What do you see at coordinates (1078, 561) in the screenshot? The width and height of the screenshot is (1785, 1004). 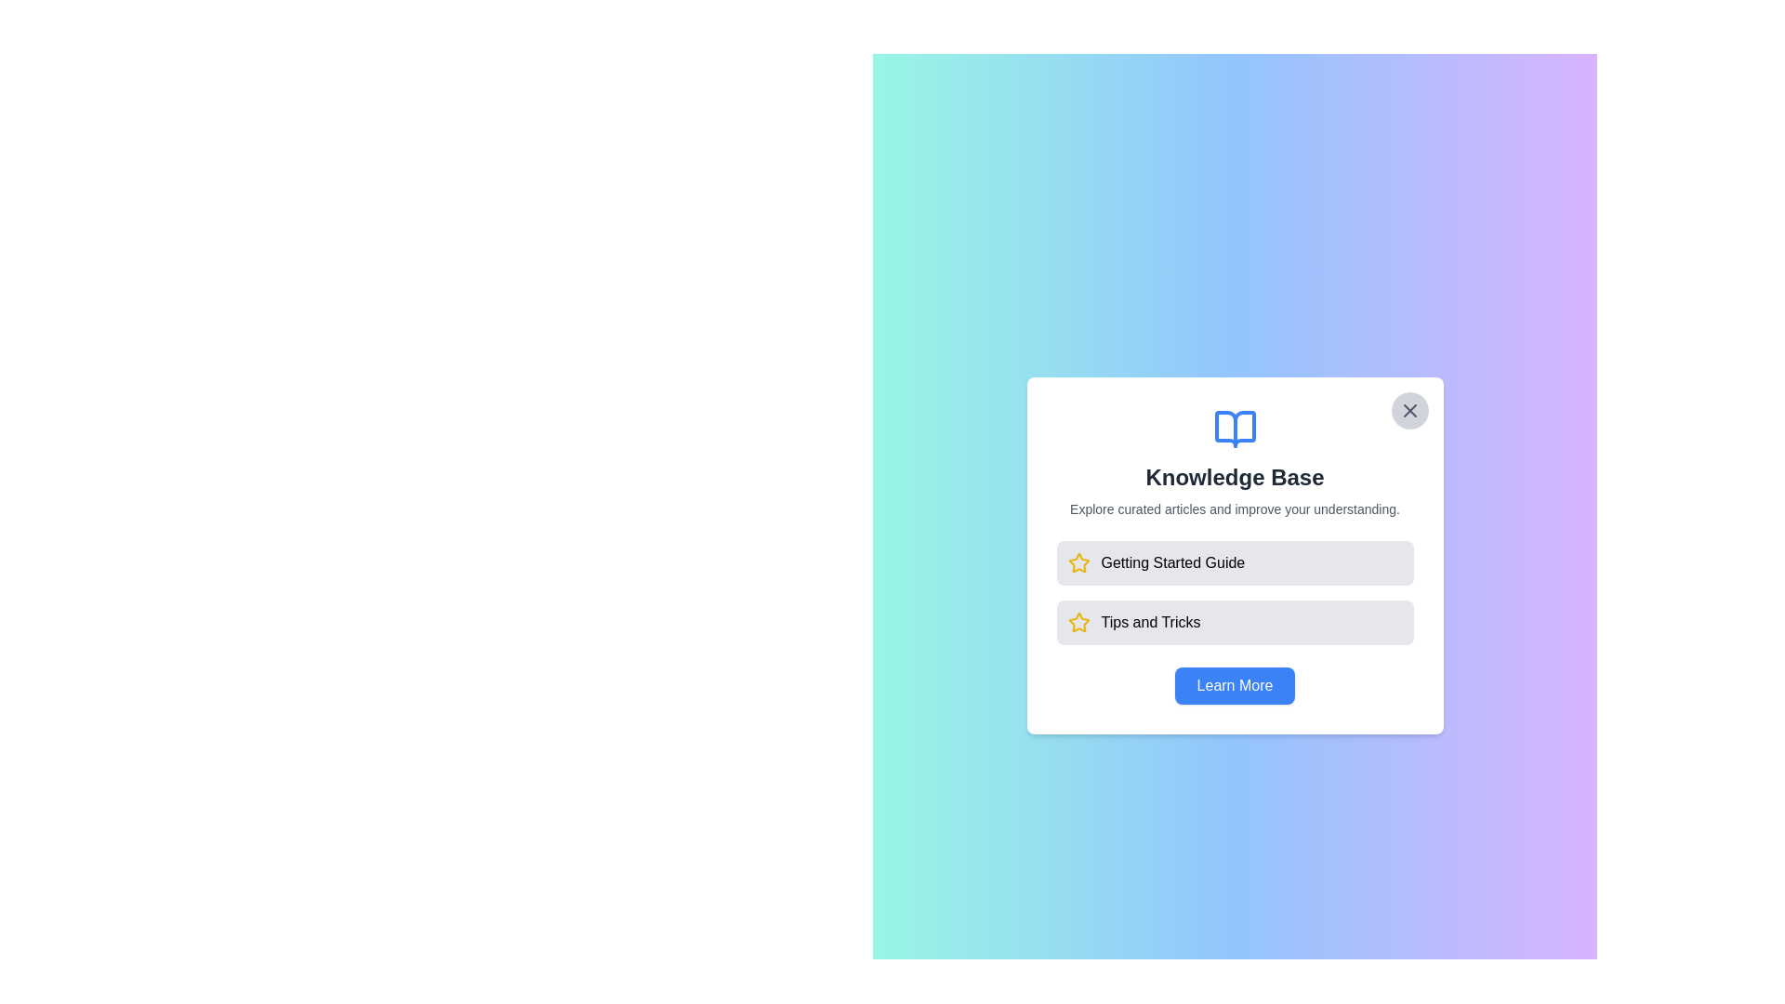 I see `the presence of the star-shaped icon with a yellow fill and outline located in the 'Tips and Tricks' section of the modal window` at bounding box center [1078, 561].